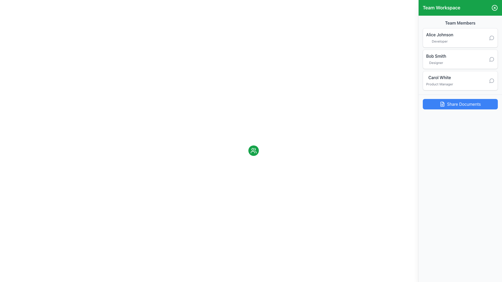  I want to click on the icon button located at the far right side of the card labeled 'Alice Johnson' to initiate a message, so click(492, 38).